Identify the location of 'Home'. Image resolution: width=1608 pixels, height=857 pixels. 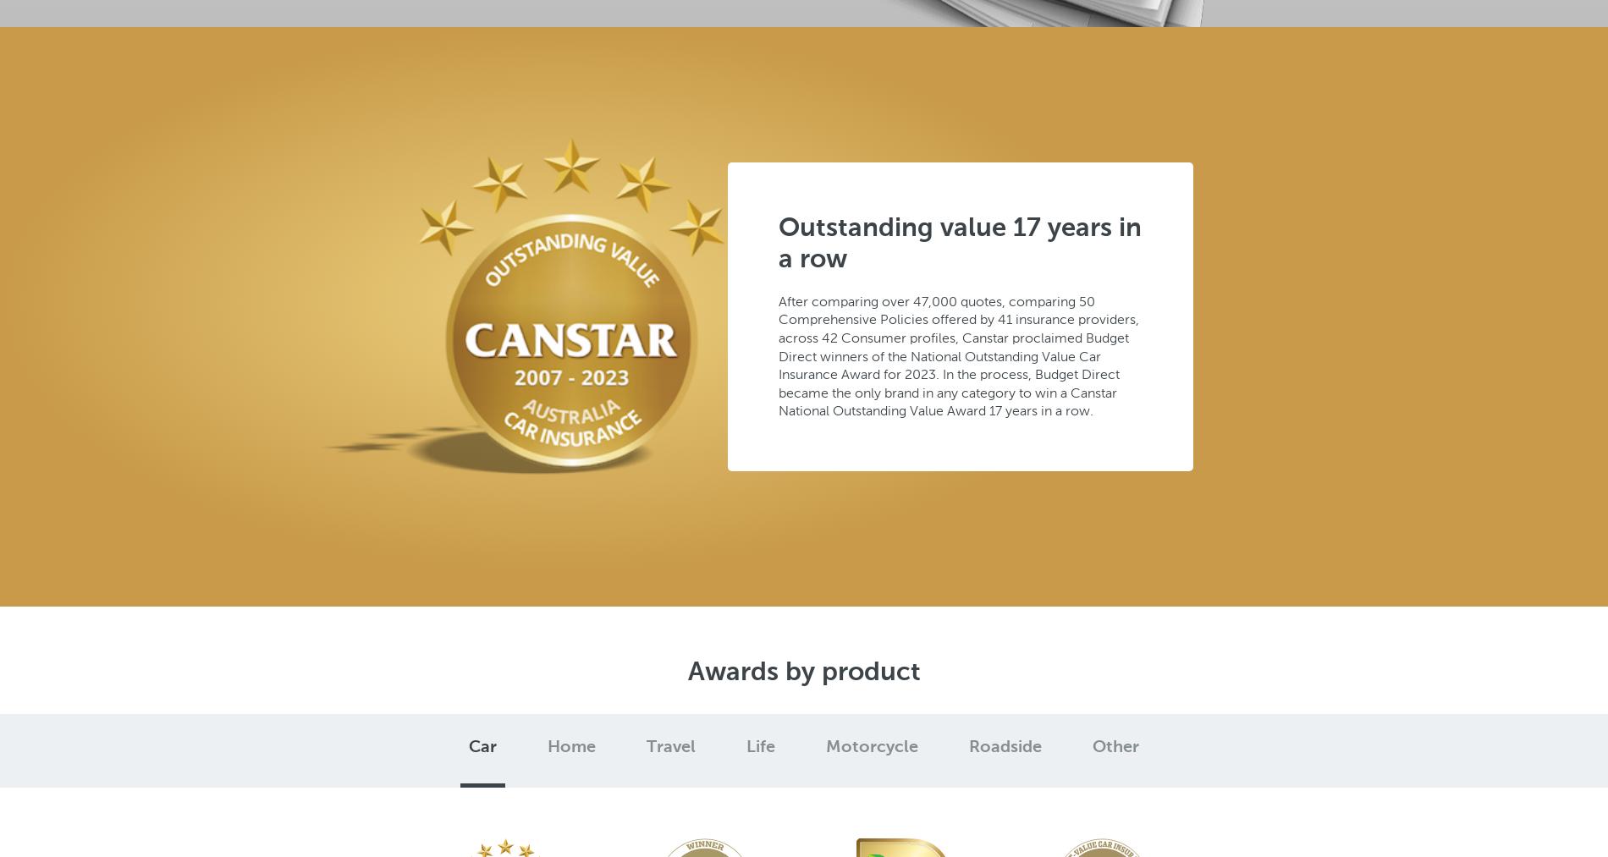
(571, 746).